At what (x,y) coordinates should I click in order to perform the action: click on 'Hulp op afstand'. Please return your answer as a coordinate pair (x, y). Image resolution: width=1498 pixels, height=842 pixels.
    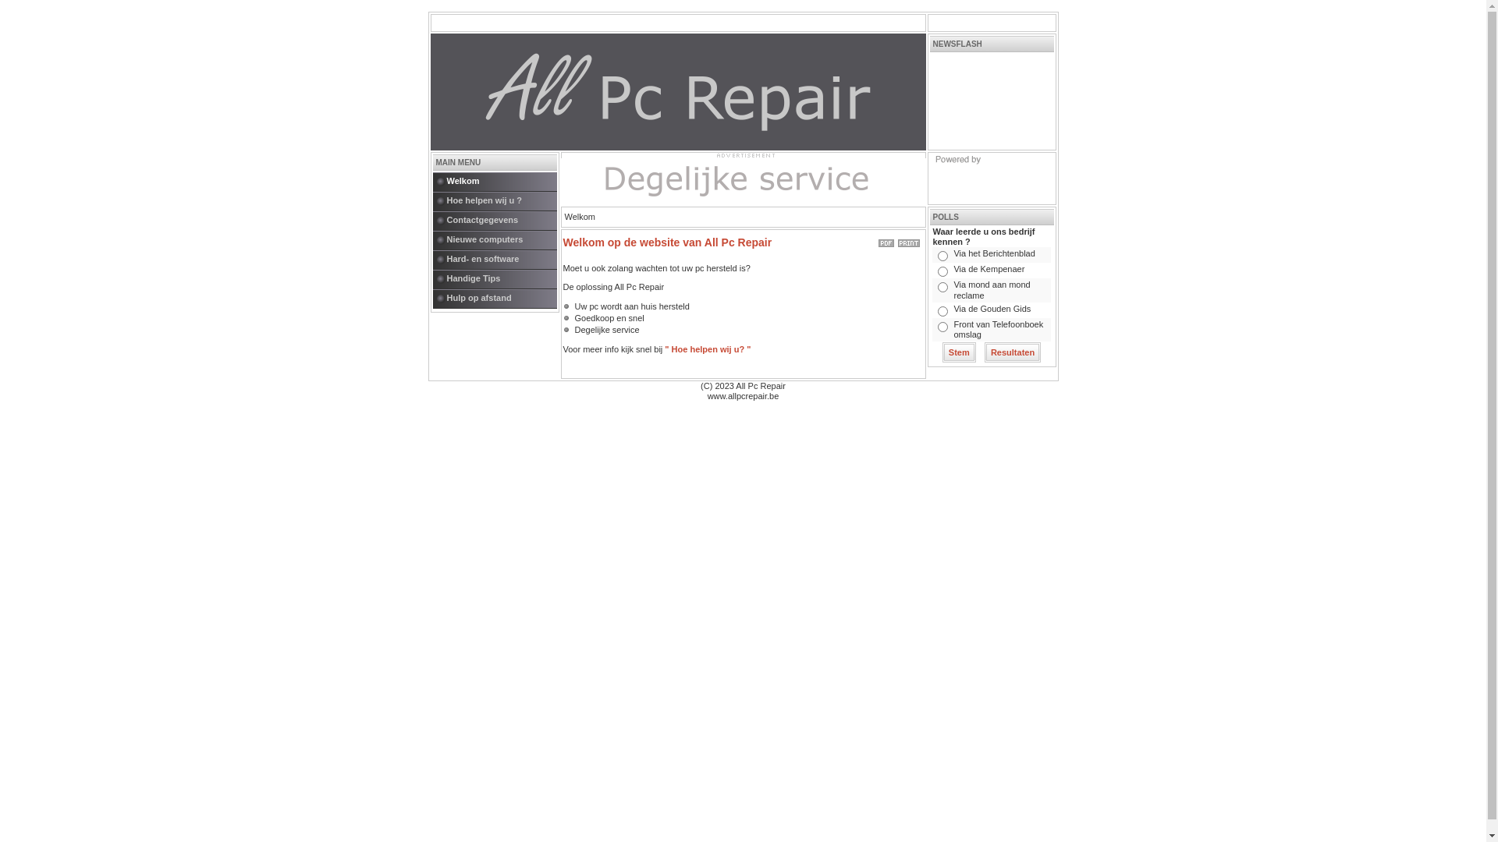
    Looking at the image, I should click on (501, 299).